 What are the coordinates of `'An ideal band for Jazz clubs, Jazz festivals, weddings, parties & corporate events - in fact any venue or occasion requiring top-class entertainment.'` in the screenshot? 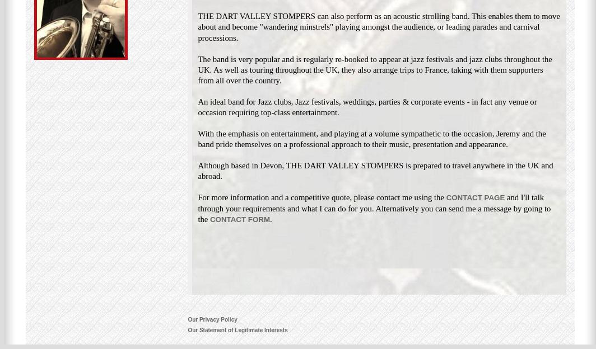 It's located at (198, 106).